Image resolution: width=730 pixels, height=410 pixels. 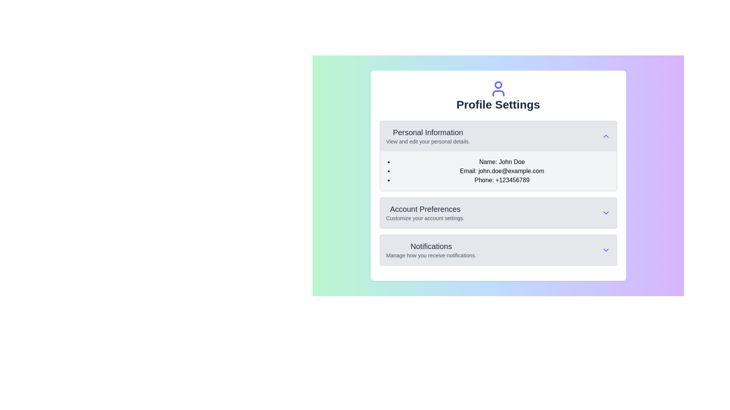 What do you see at coordinates (498, 93) in the screenshot?
I see `the decorative icon that is part of the user avatar, positioned centrally above the 'Profile Settings' text` at bounding box center [498, 93].